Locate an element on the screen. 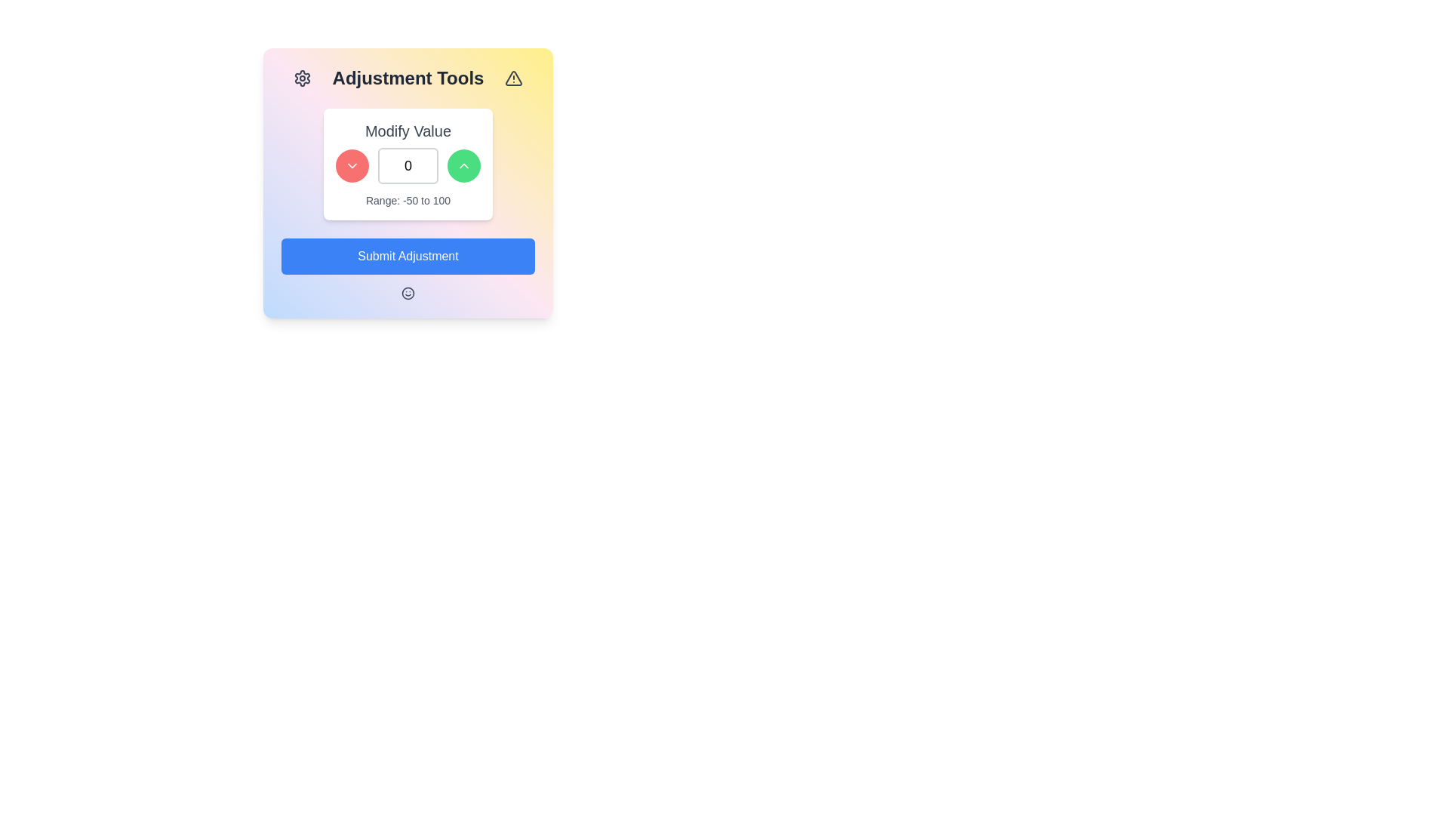 Image resolution: width=1449 pixels, height=815 pixels. the alert icon located at the top-right corner of the 'Adjustment Tools' section, which serves as a visual indicator for notifications is located at coordinates (514, 78).